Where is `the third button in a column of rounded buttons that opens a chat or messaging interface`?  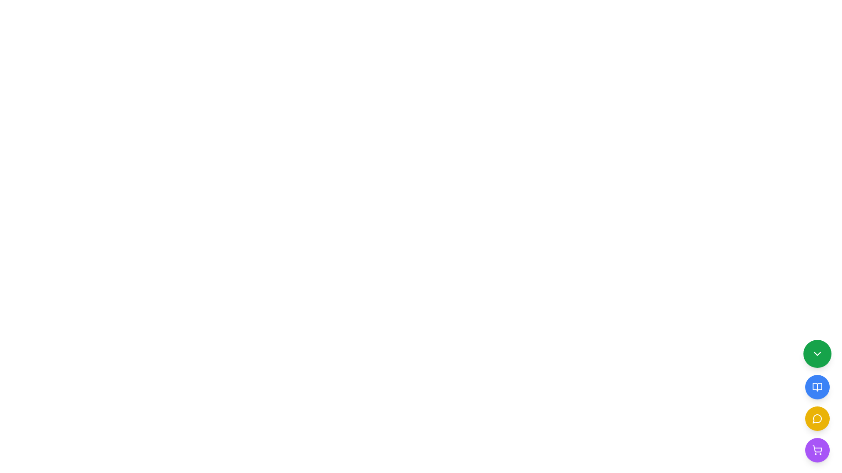
the third button in a column of rounded buttons that opens a chat or messaging interface is located at coordinates (817, 418).